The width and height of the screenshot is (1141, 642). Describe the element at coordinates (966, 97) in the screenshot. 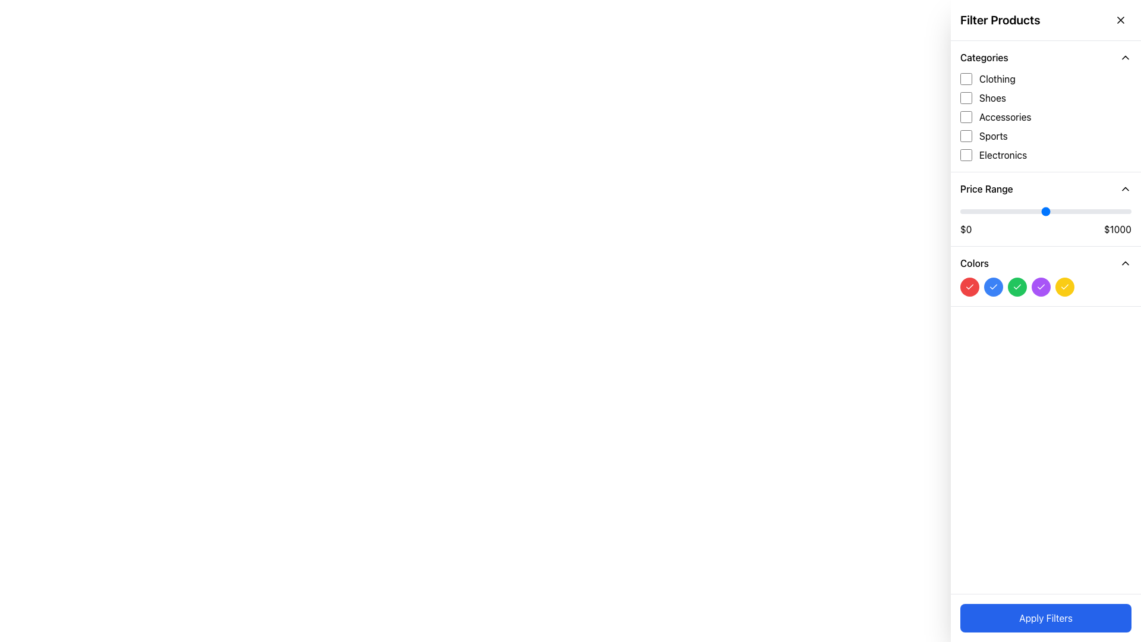

I see `the checkbox for the 'Shoes' category` at that location.